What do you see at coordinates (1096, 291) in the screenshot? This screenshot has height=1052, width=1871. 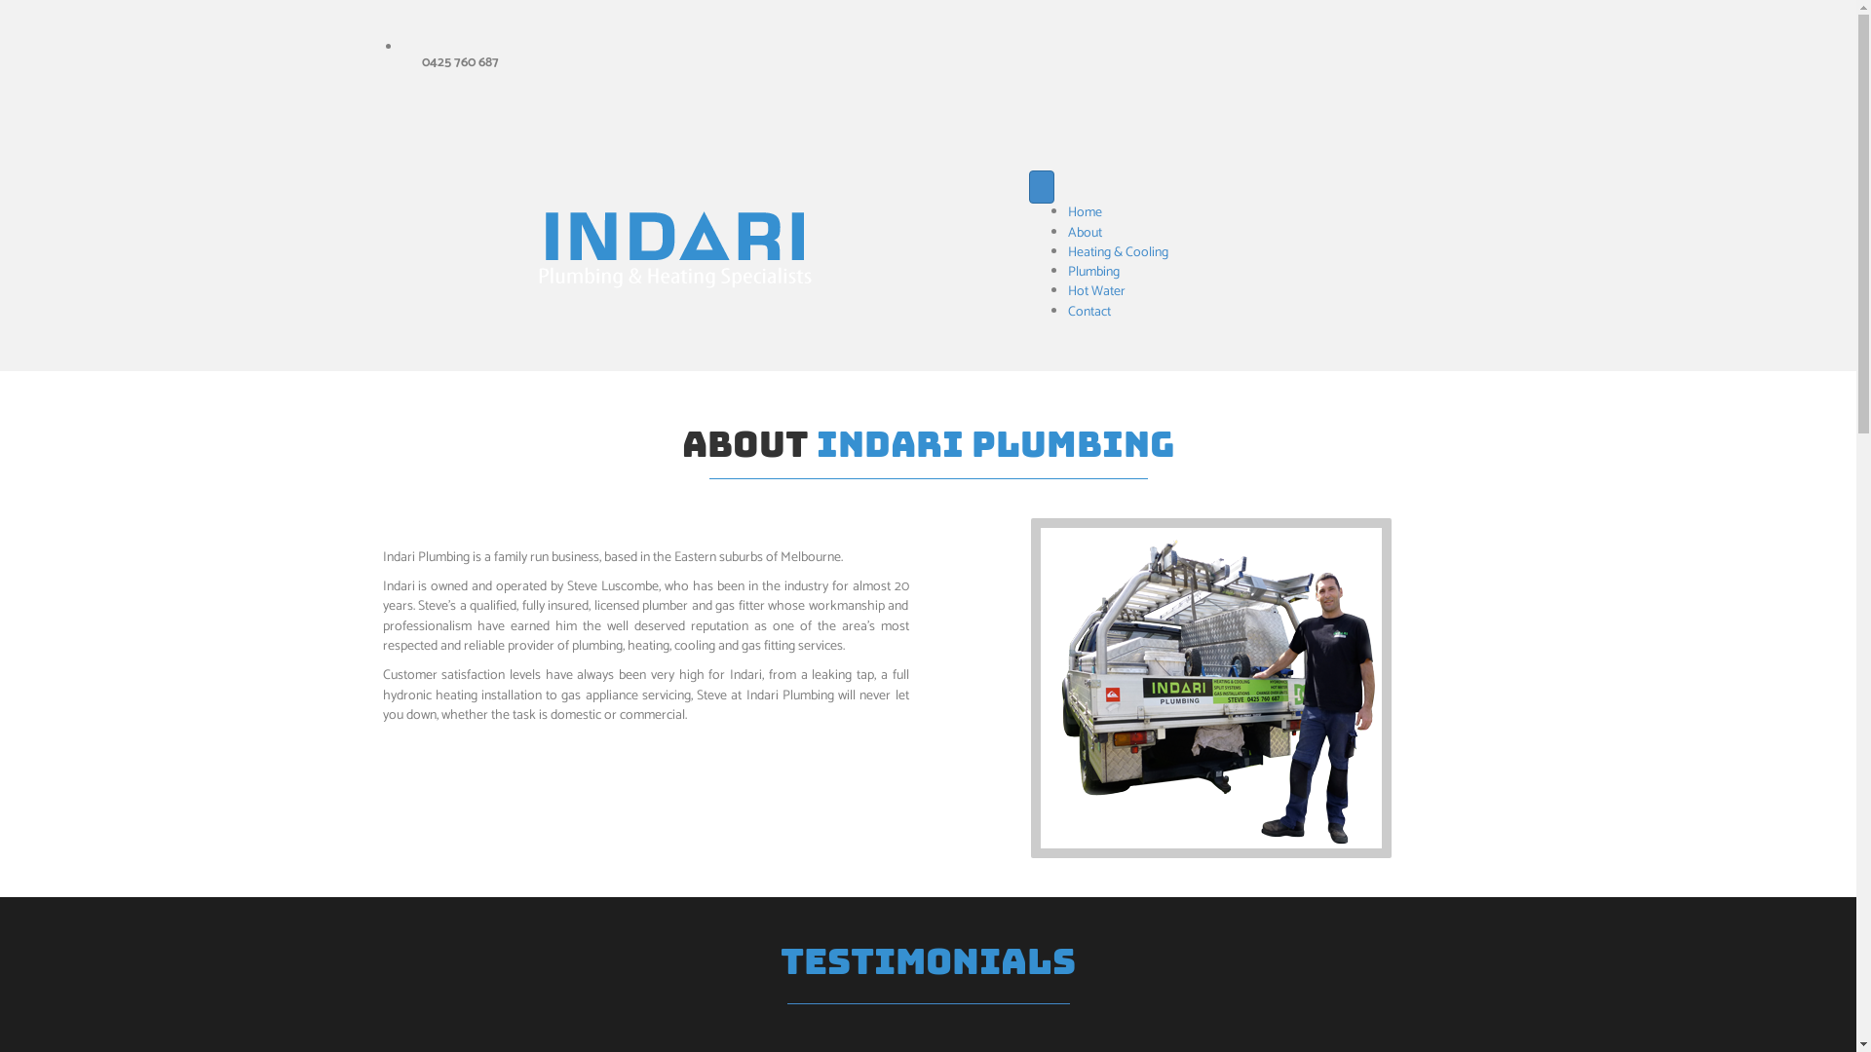 I see `'Hot Water'` at bounding box center [1096, 291].